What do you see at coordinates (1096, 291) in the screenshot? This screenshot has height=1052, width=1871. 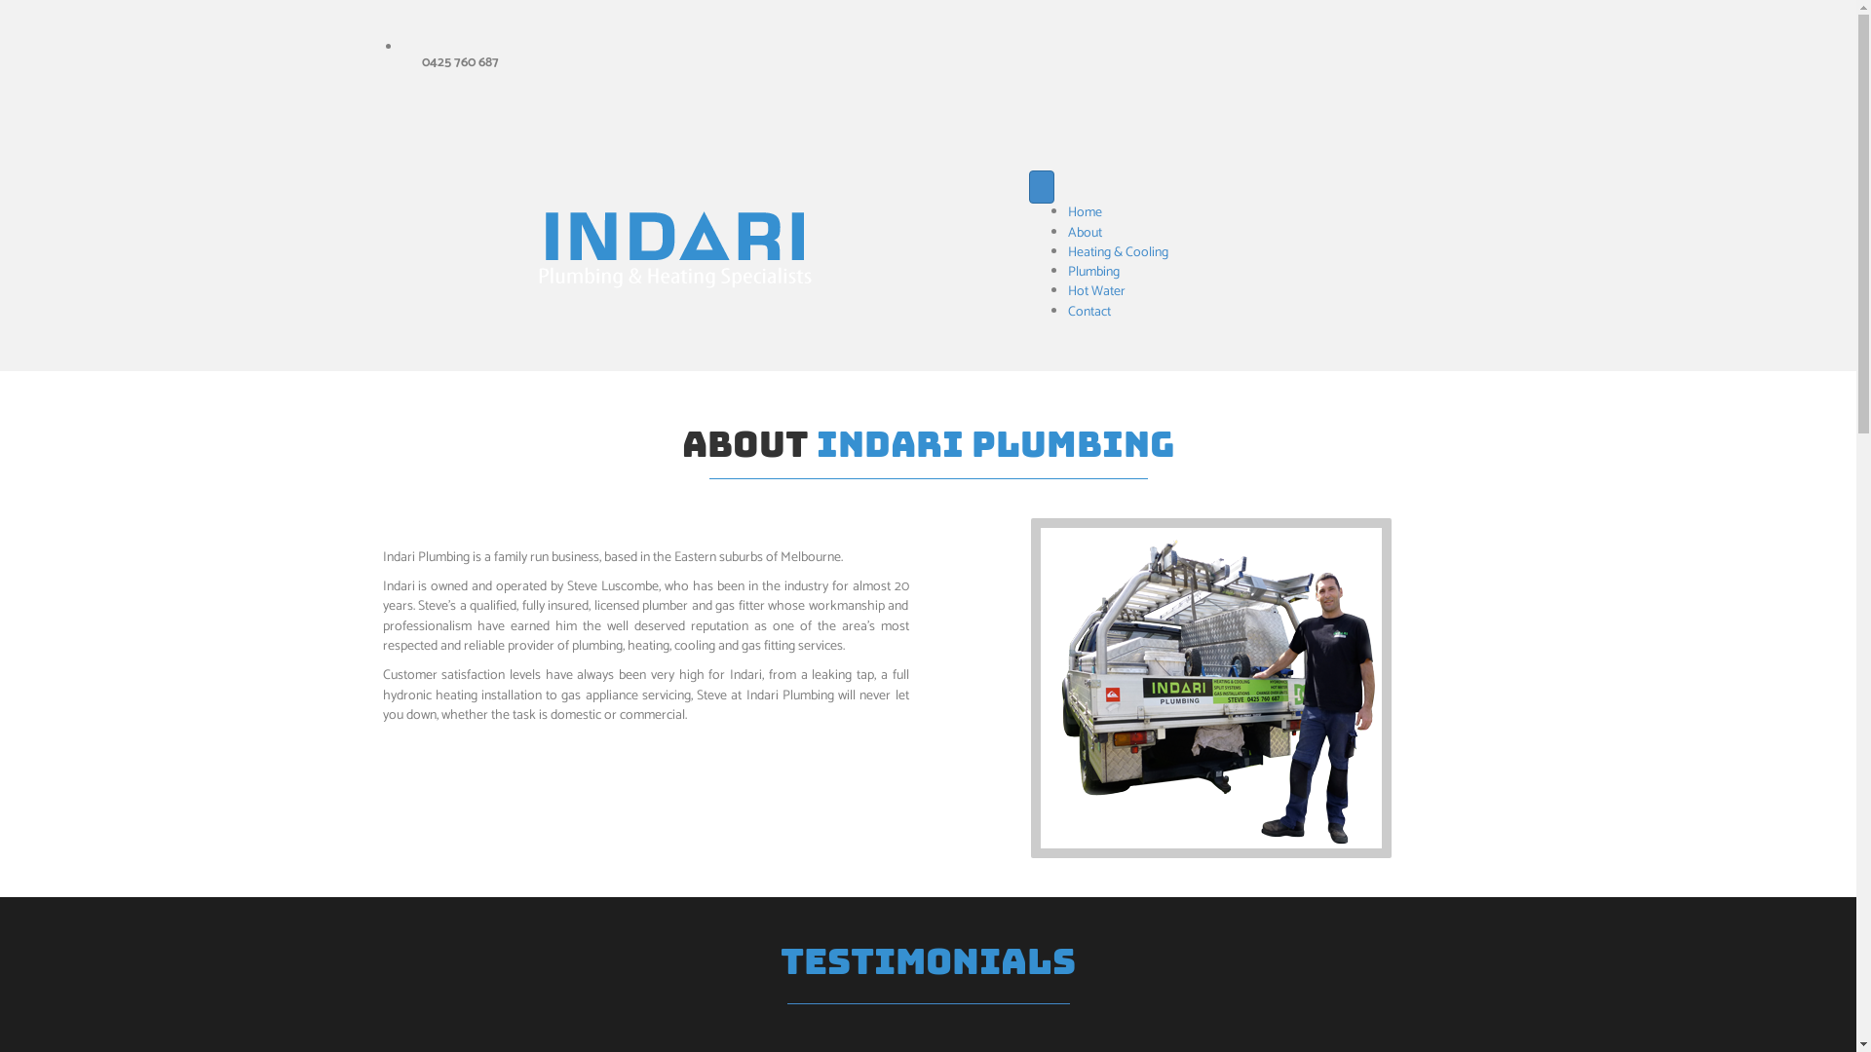 I see `'Hot Water'` at bounding box center [1096, 291].